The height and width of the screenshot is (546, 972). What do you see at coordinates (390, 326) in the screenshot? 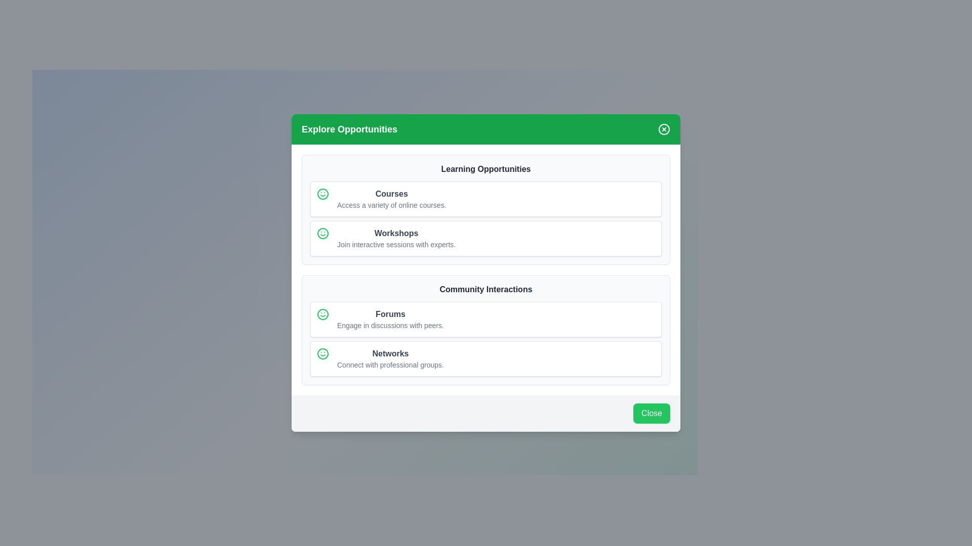
I see `the text element that reads 'Engage in discussions with peers.' located beneath the title 'Forums' in the 'Community Interactions' card` at bounding box center [390, 326].